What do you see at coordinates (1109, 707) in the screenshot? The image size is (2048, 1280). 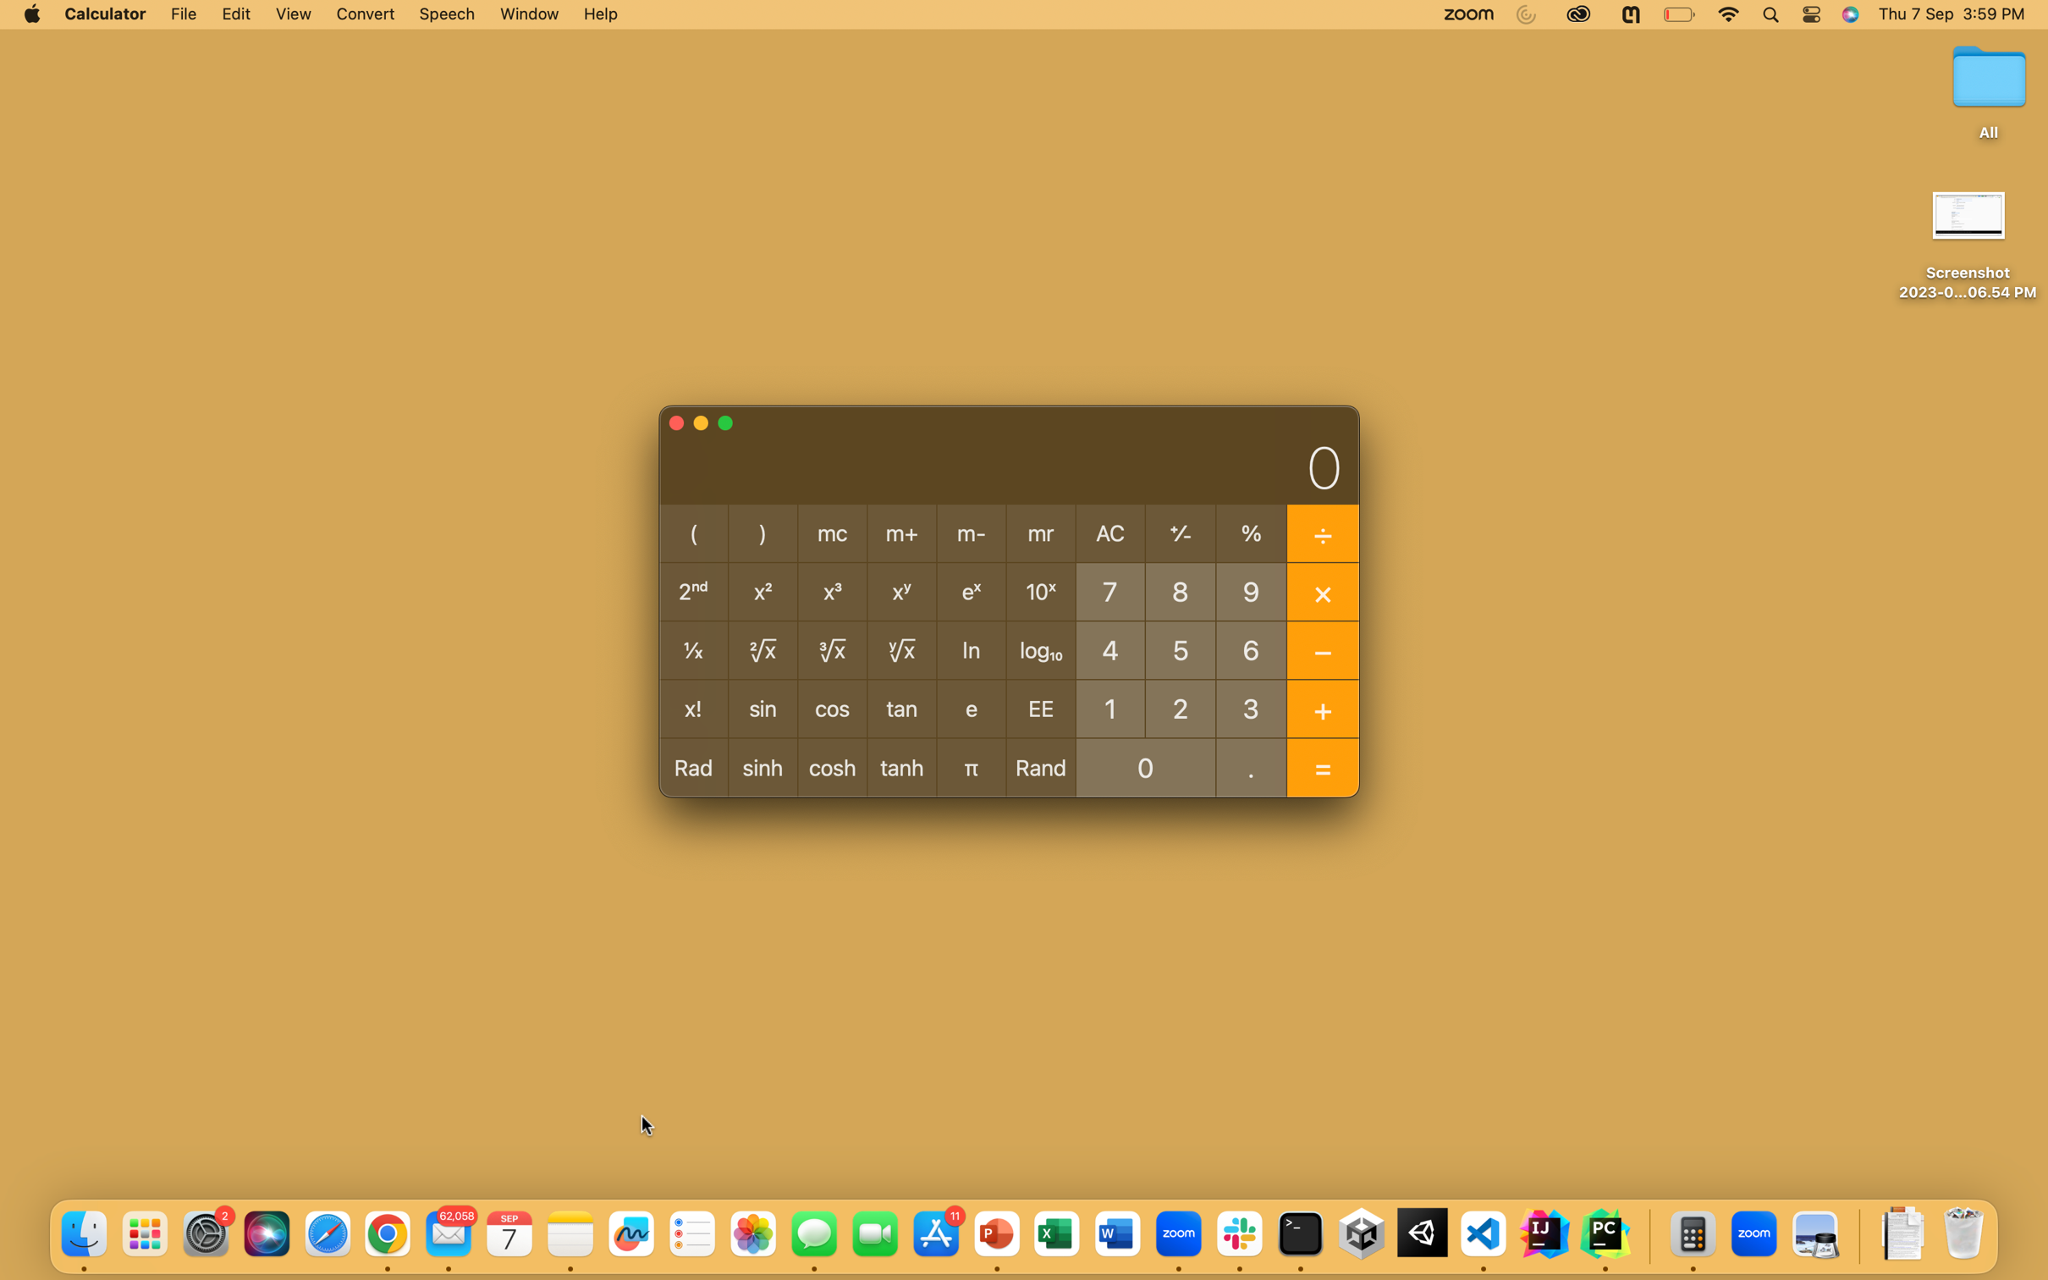 I see `Calculate 10 minus 5` at bounding box center [1109, 707].